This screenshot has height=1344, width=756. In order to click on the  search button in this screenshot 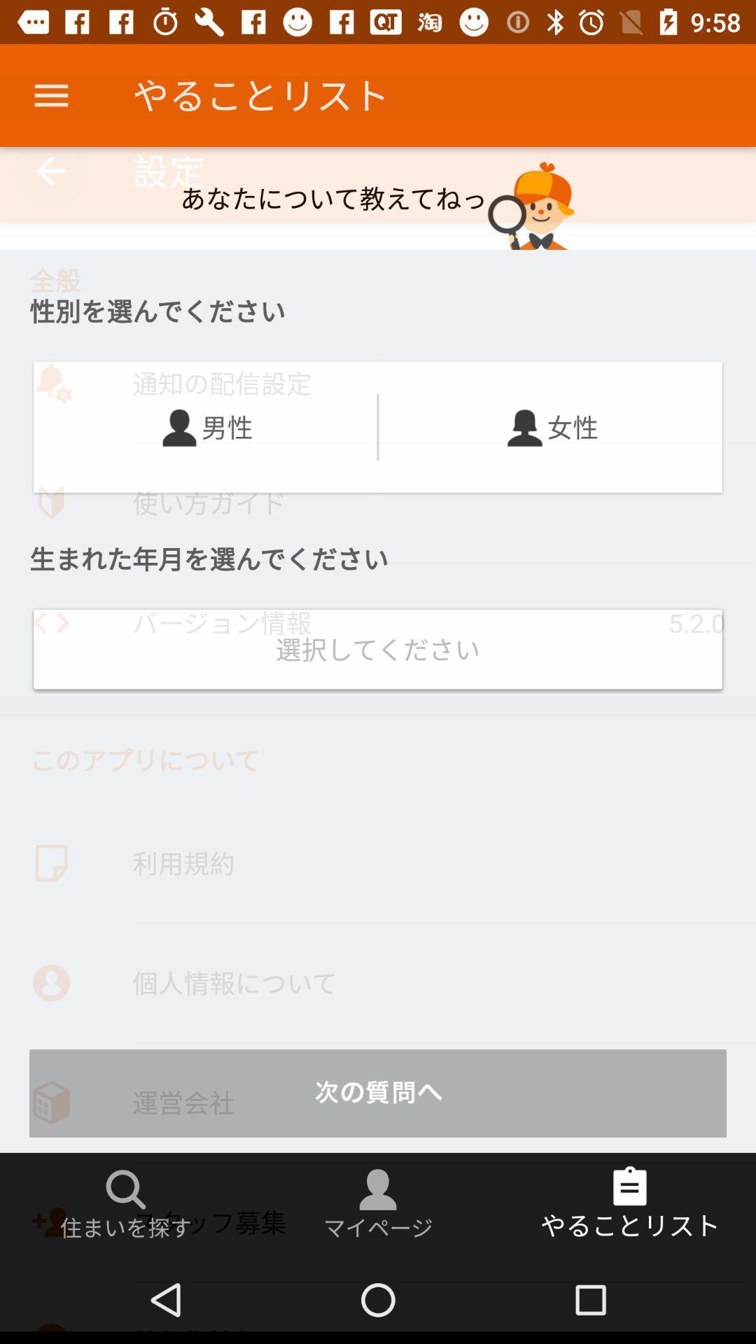, I will do `click(126, 1189)`.